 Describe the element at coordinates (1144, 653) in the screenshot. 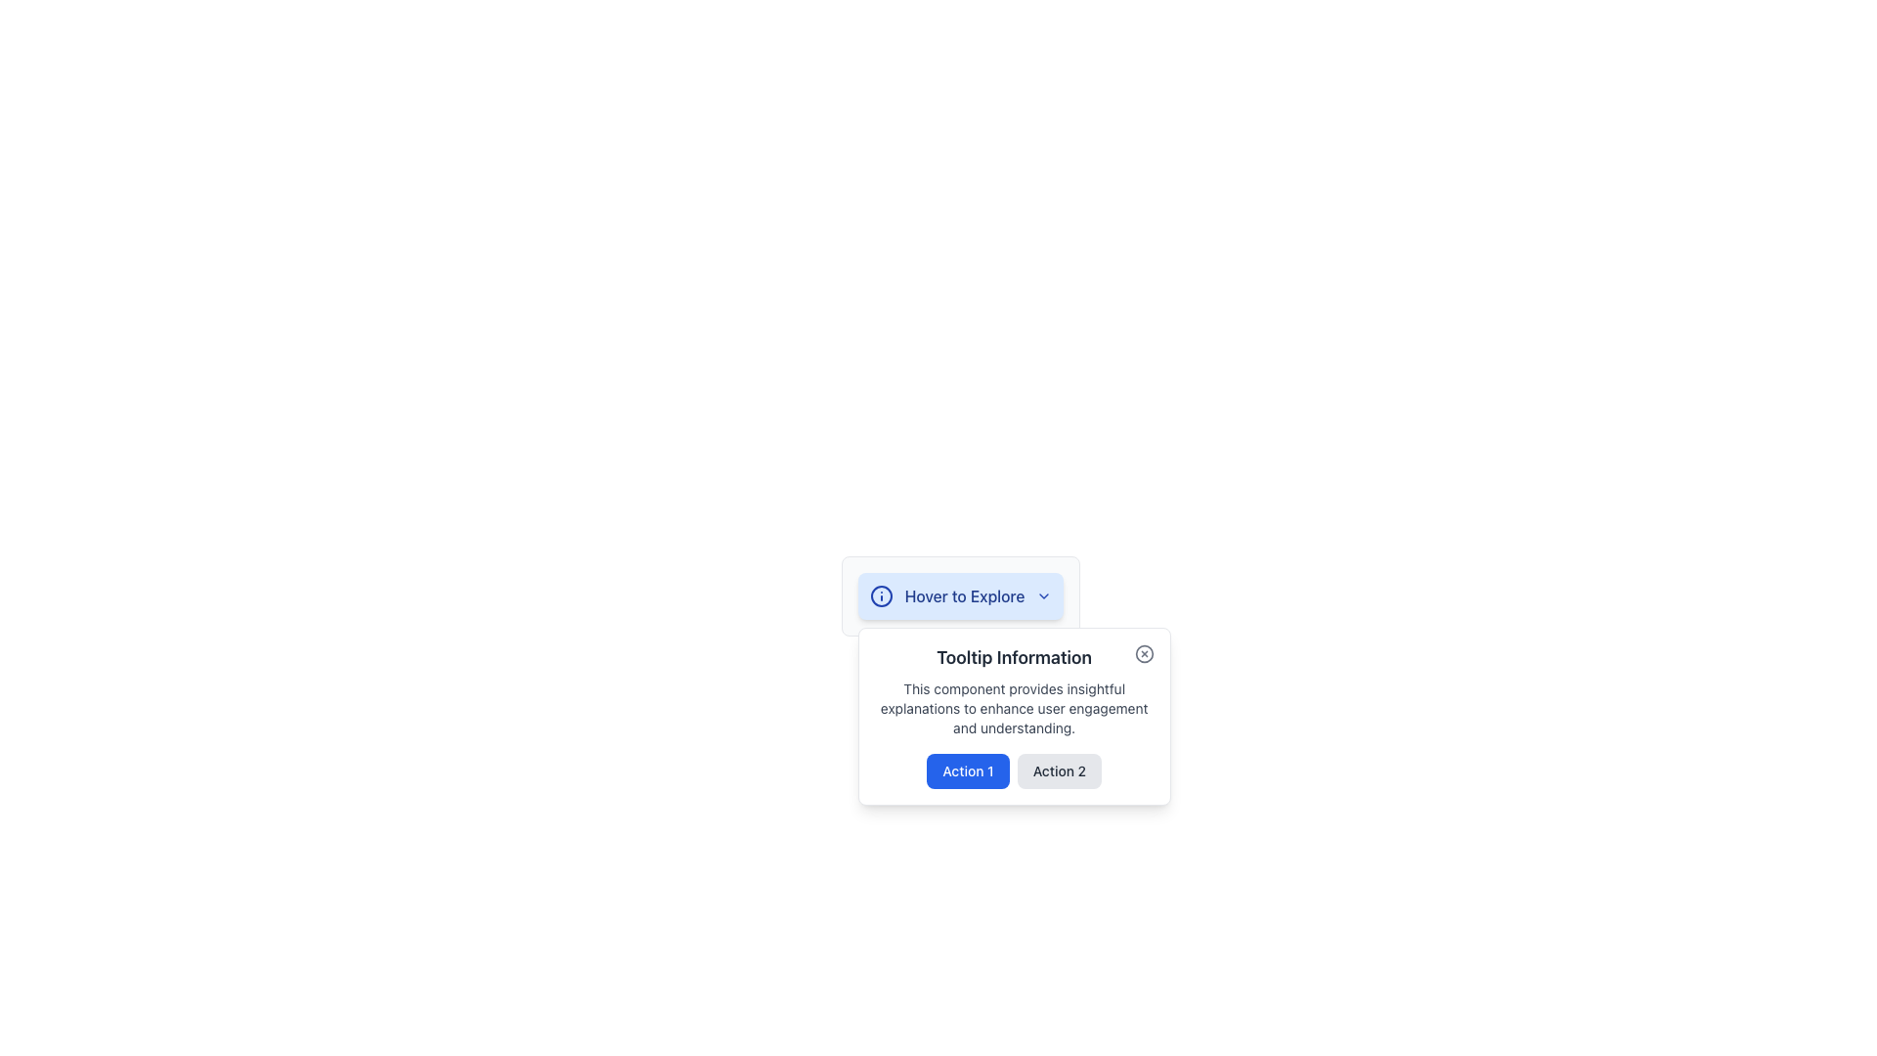

I see `the close icon located at the top-right corner of the 'Tooltip Information' tooltip` at that location.